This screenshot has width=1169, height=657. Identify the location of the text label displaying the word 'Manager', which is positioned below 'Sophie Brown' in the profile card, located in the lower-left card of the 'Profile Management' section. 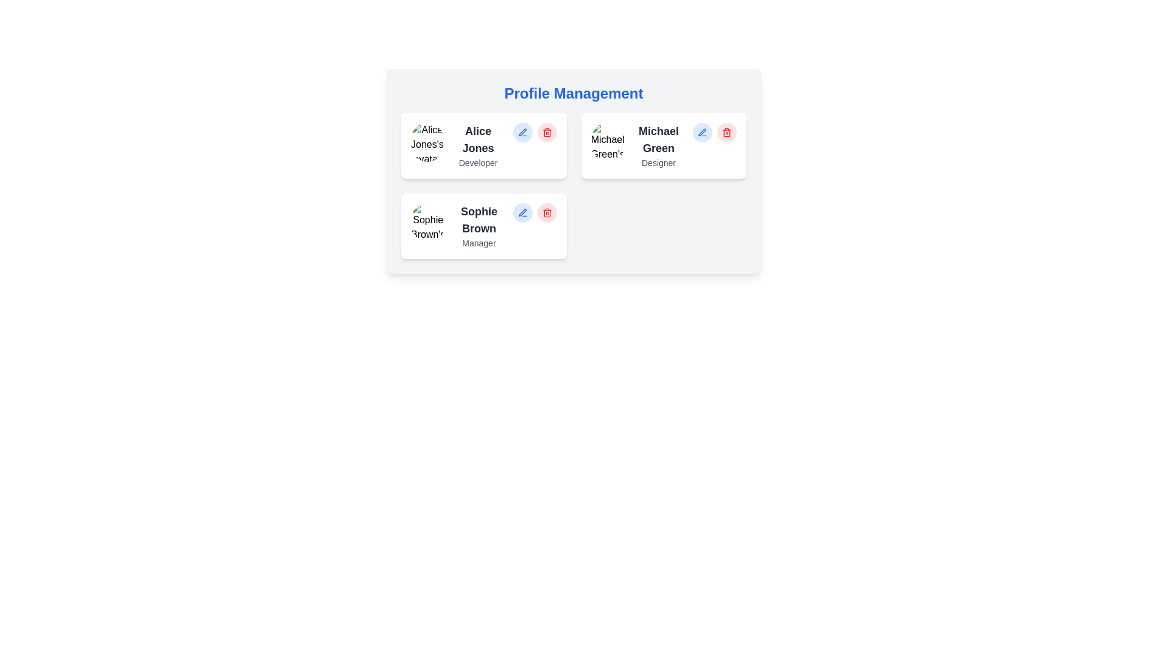
(479, 243).